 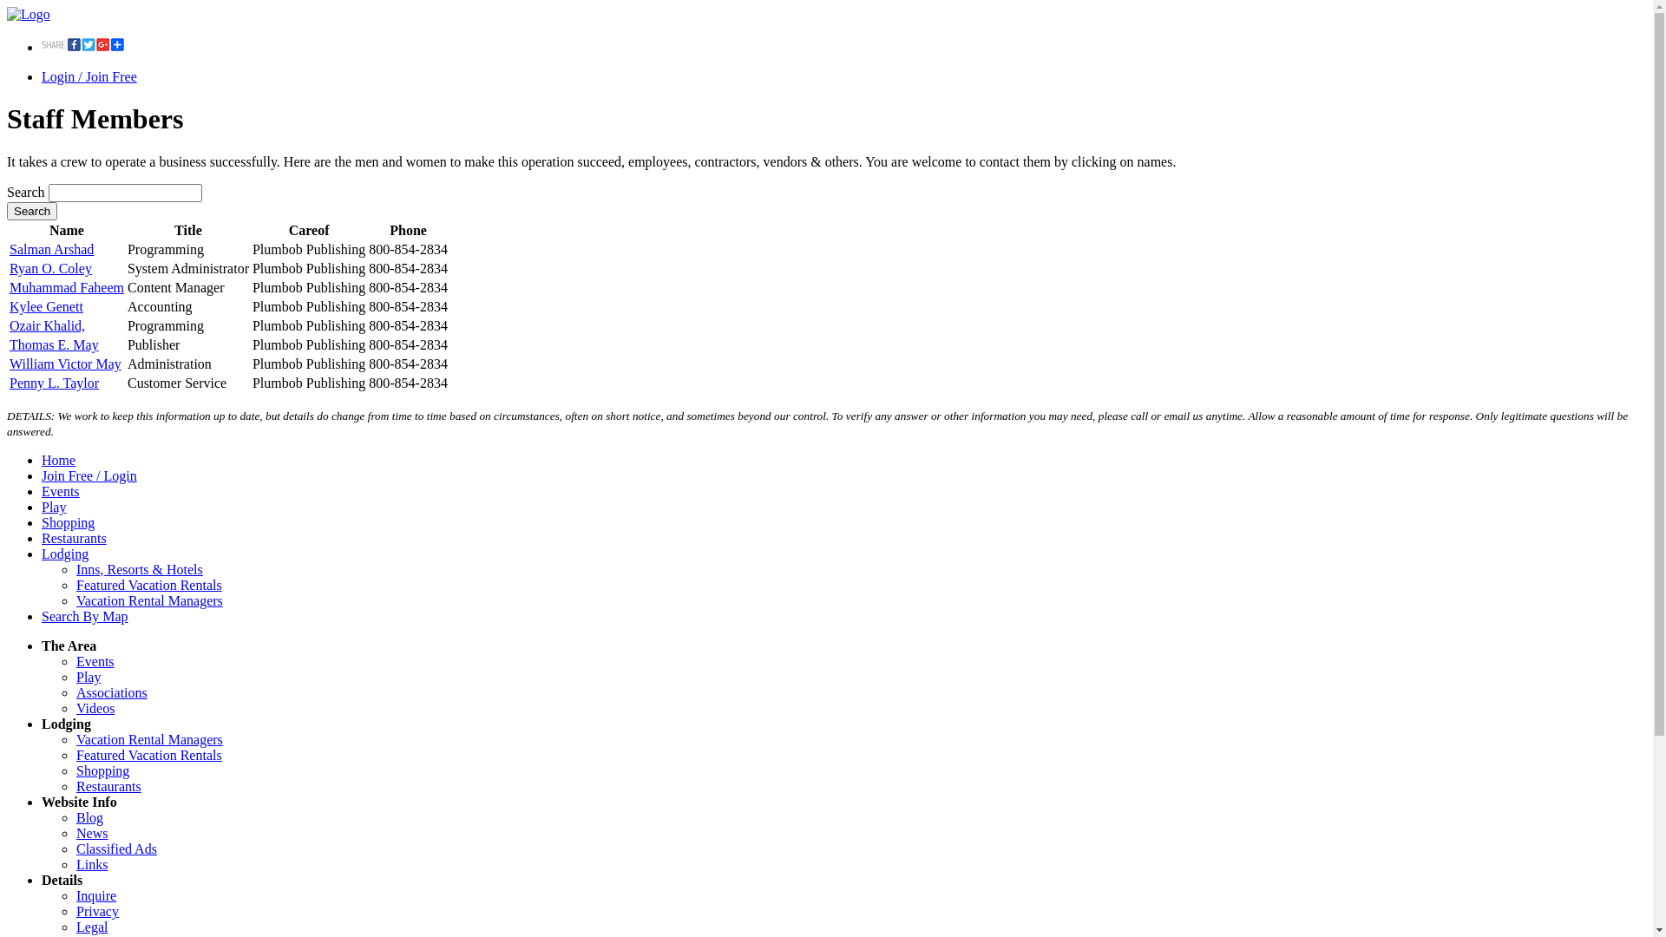 I want to click on 'Thomas E. May', so click(x=54, y=344).